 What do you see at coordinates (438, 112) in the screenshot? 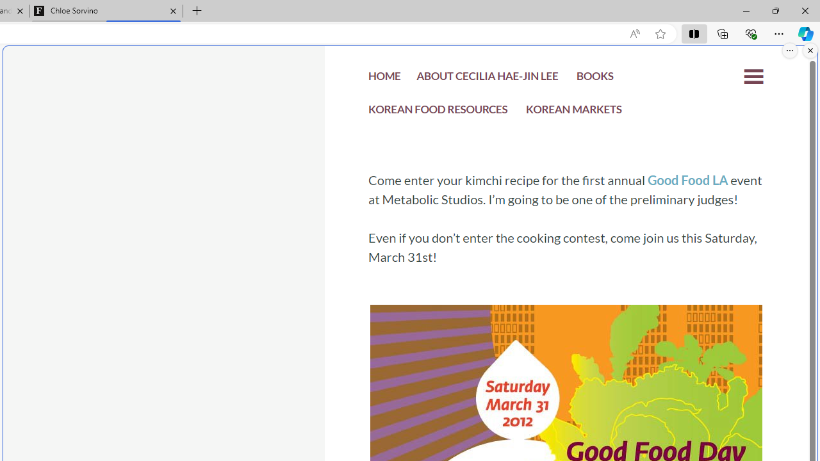
I see `'KOREAN FOOD RESOURCES'` at bounding box center [438, 112].